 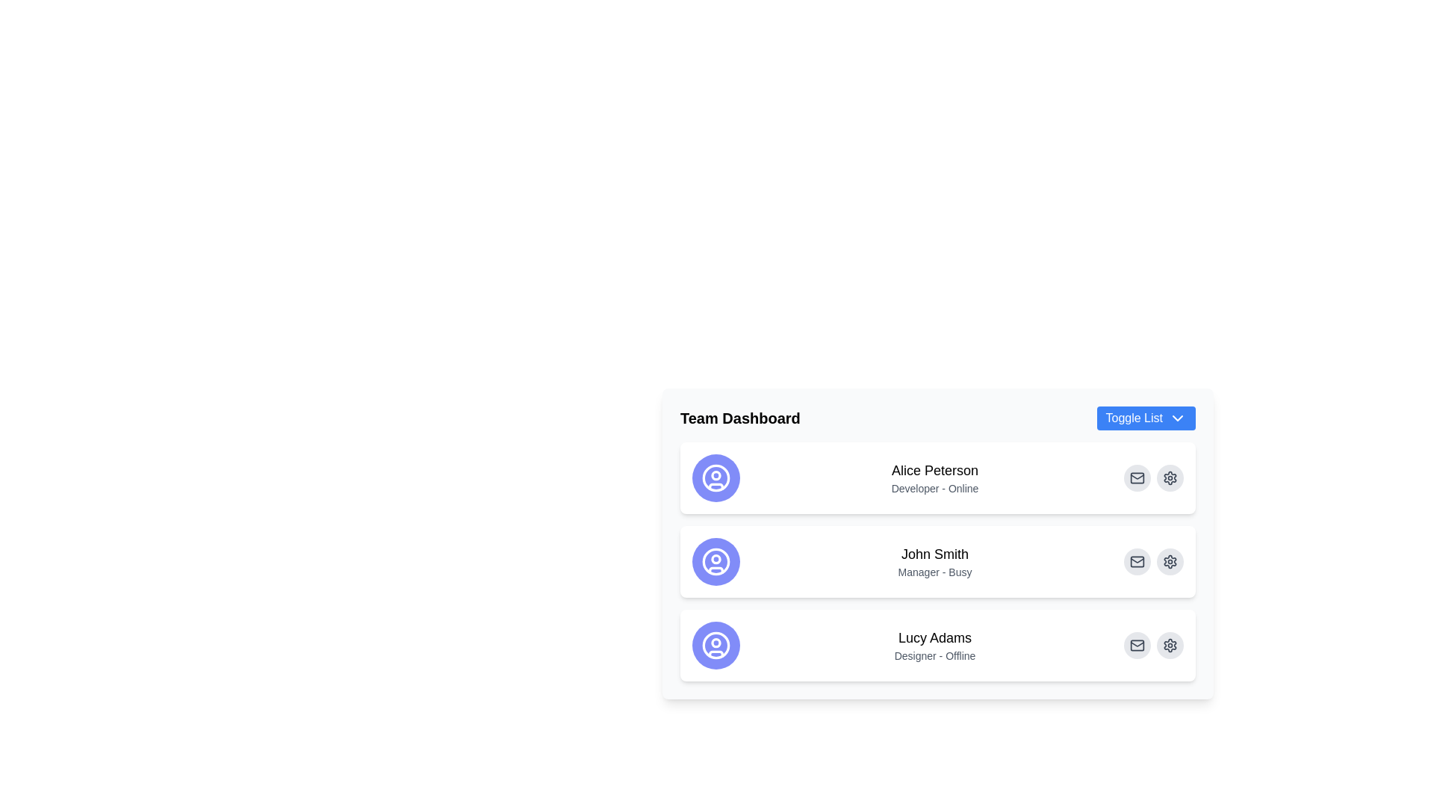 What do you see at coordinates (1136, 562) in the screenshot?
I see `the gray envelope-shaped icon located in the second row of user cards, to the right of 'John Smith'` at bounding box center [1136, 562].